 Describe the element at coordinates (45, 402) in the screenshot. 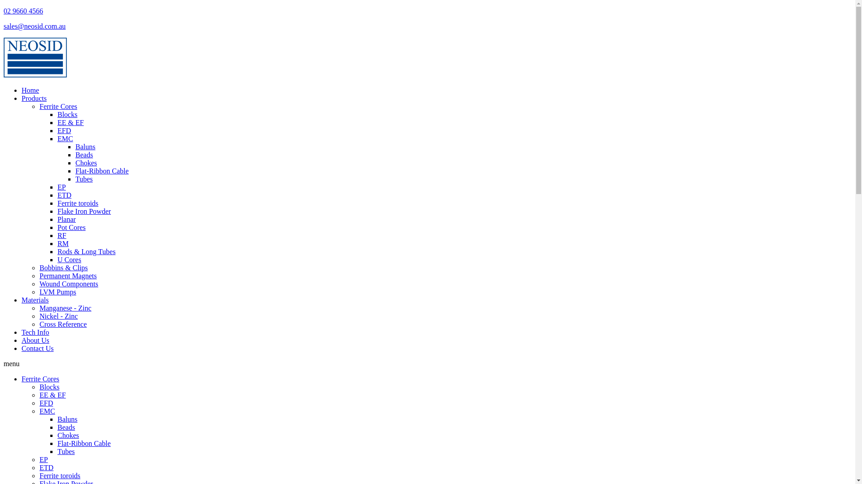

I see `'EFD'` at that location.